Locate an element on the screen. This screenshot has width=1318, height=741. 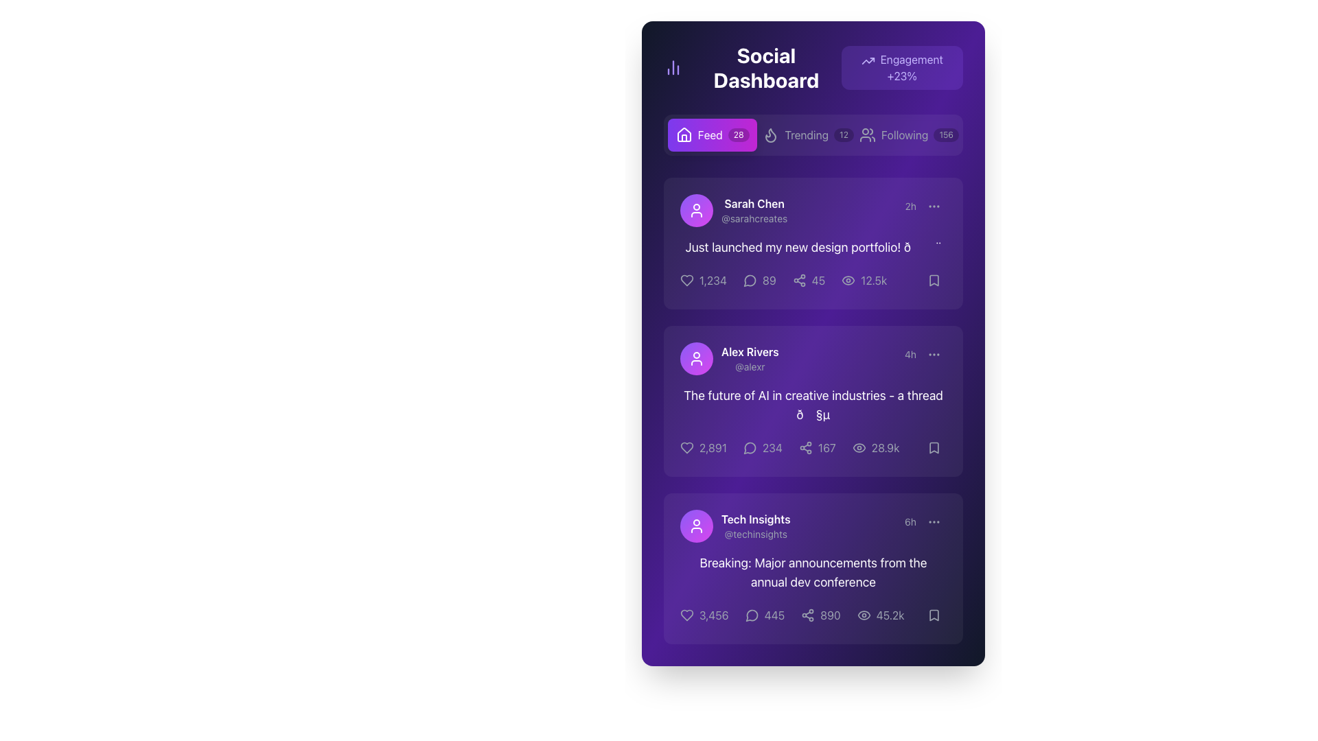
the 'Feed' label element, which is a textual label displaying the word 'Feed' in white against a gradient background, located in the navigation interface of the dashboard is located at coordinates (710, 134).